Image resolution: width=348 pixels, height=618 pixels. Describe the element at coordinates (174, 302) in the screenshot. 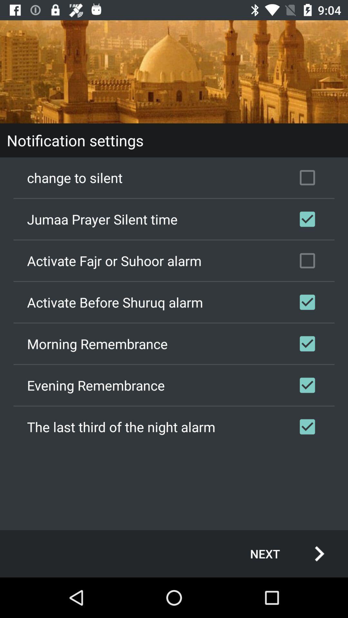

I see `the checkbox below the activate fajr or checkbox` at that location.